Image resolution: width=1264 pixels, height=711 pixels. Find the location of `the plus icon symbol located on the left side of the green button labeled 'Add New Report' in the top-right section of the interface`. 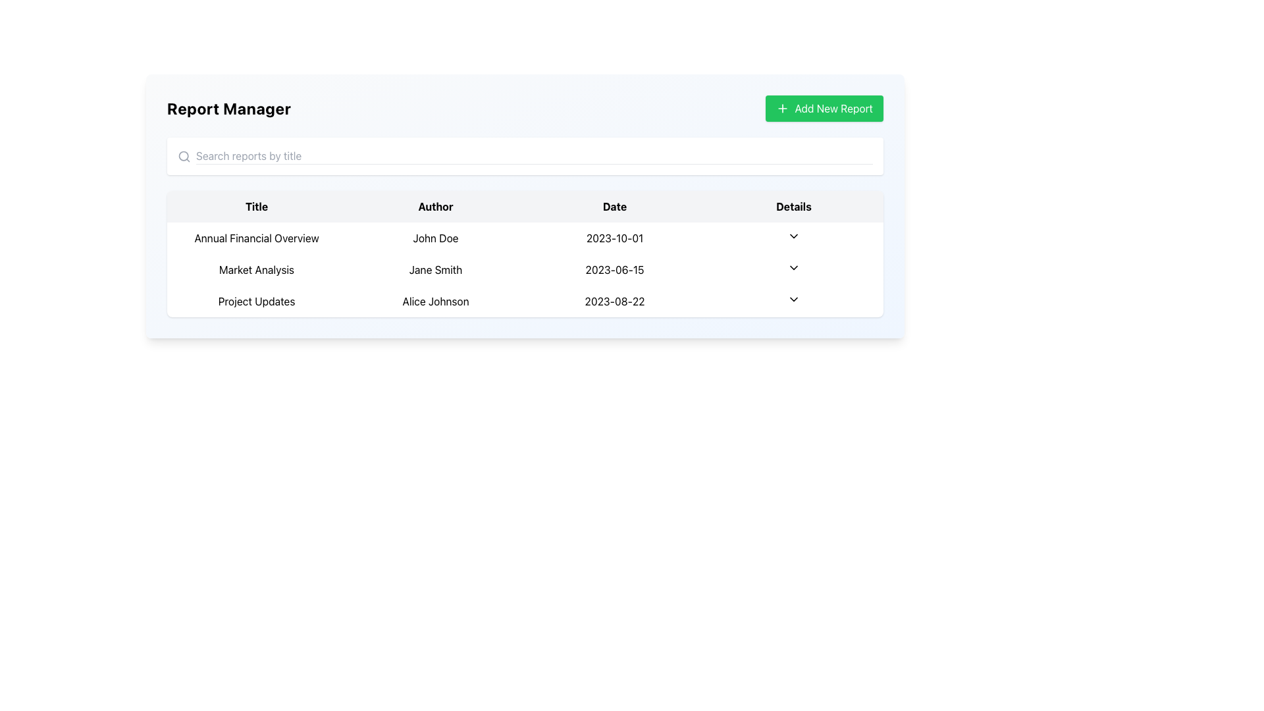

the plus icon symbol located on the left side of the green button labeled 'Add New Report' in the top-right section of the interface is located at coordinates (783, 108).